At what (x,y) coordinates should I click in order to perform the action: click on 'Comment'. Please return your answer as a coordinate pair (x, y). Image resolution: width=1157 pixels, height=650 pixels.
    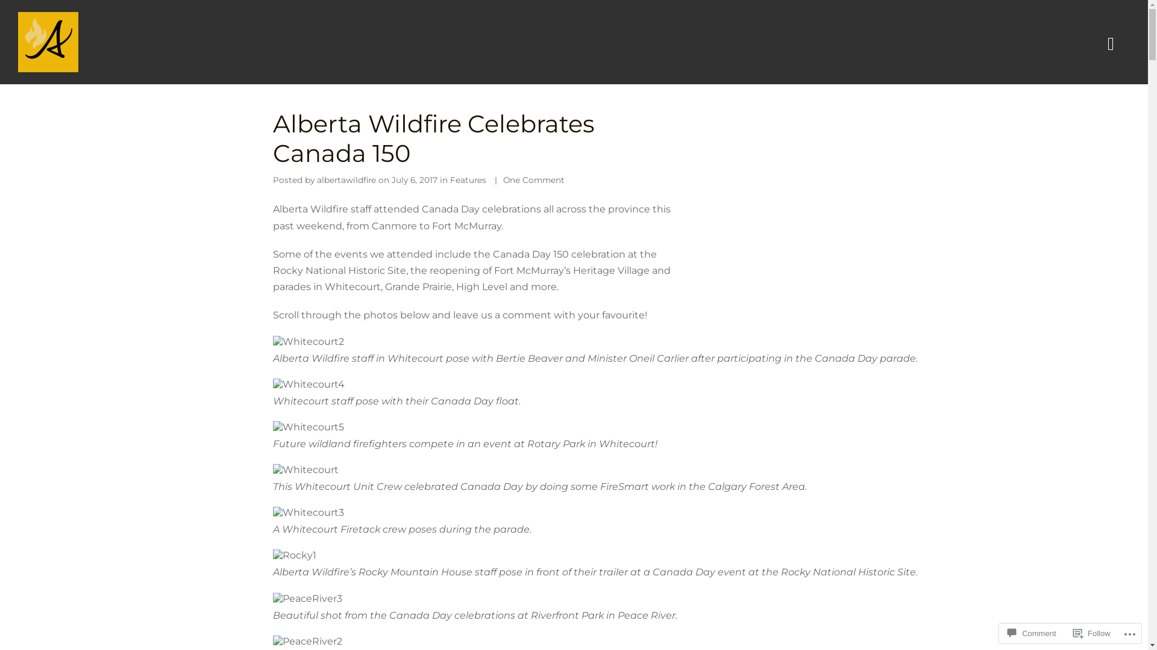
    Looking at the image, I should click on (1031, 633).